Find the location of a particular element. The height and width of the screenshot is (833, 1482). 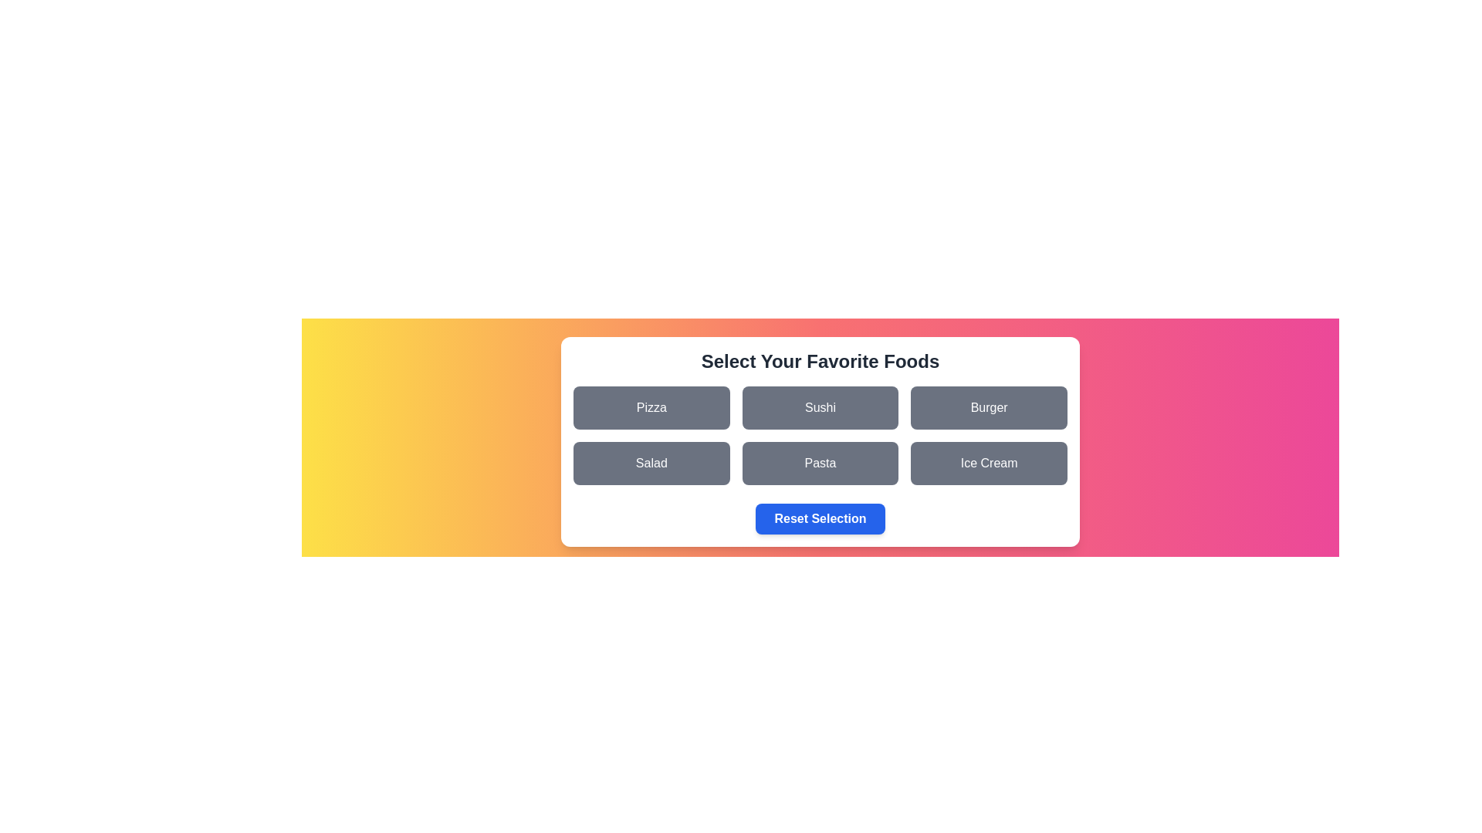

the 'Reset Selection' button to reset all food selections is located at coordinates (819, 518).